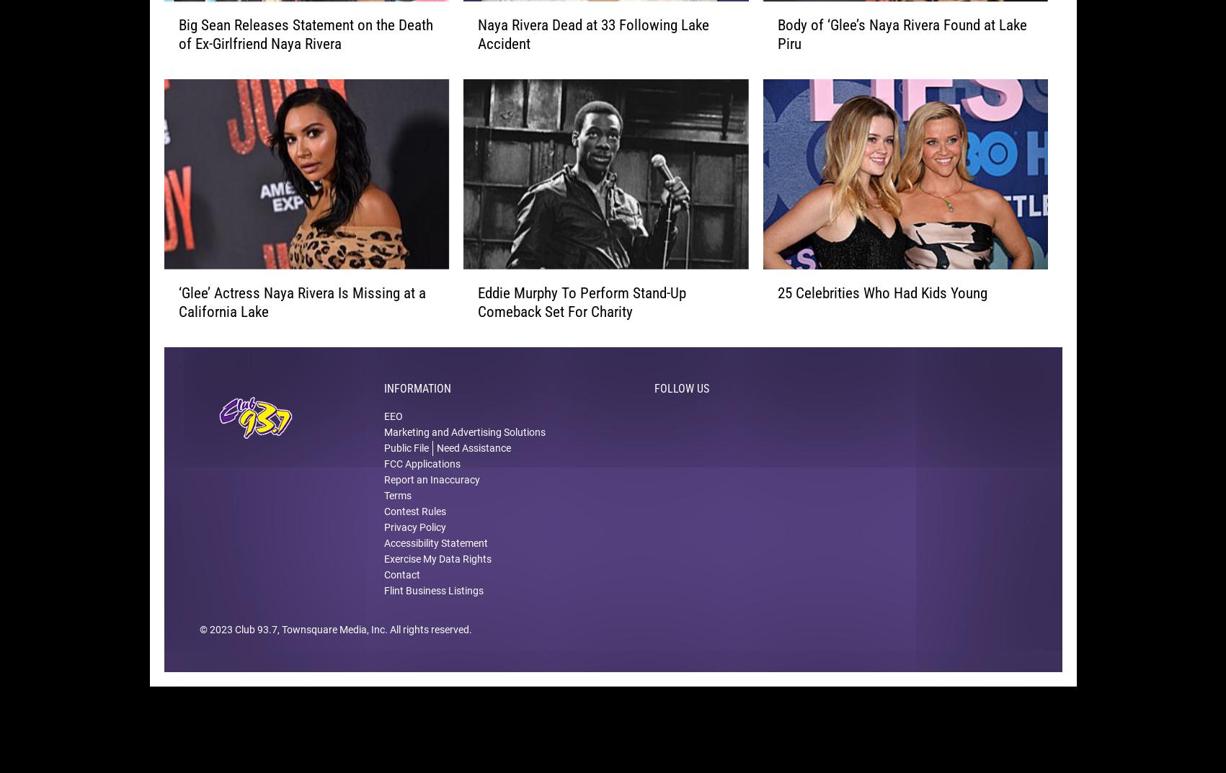  I want to click on 'Flint Business Listings', so click(432, 612).